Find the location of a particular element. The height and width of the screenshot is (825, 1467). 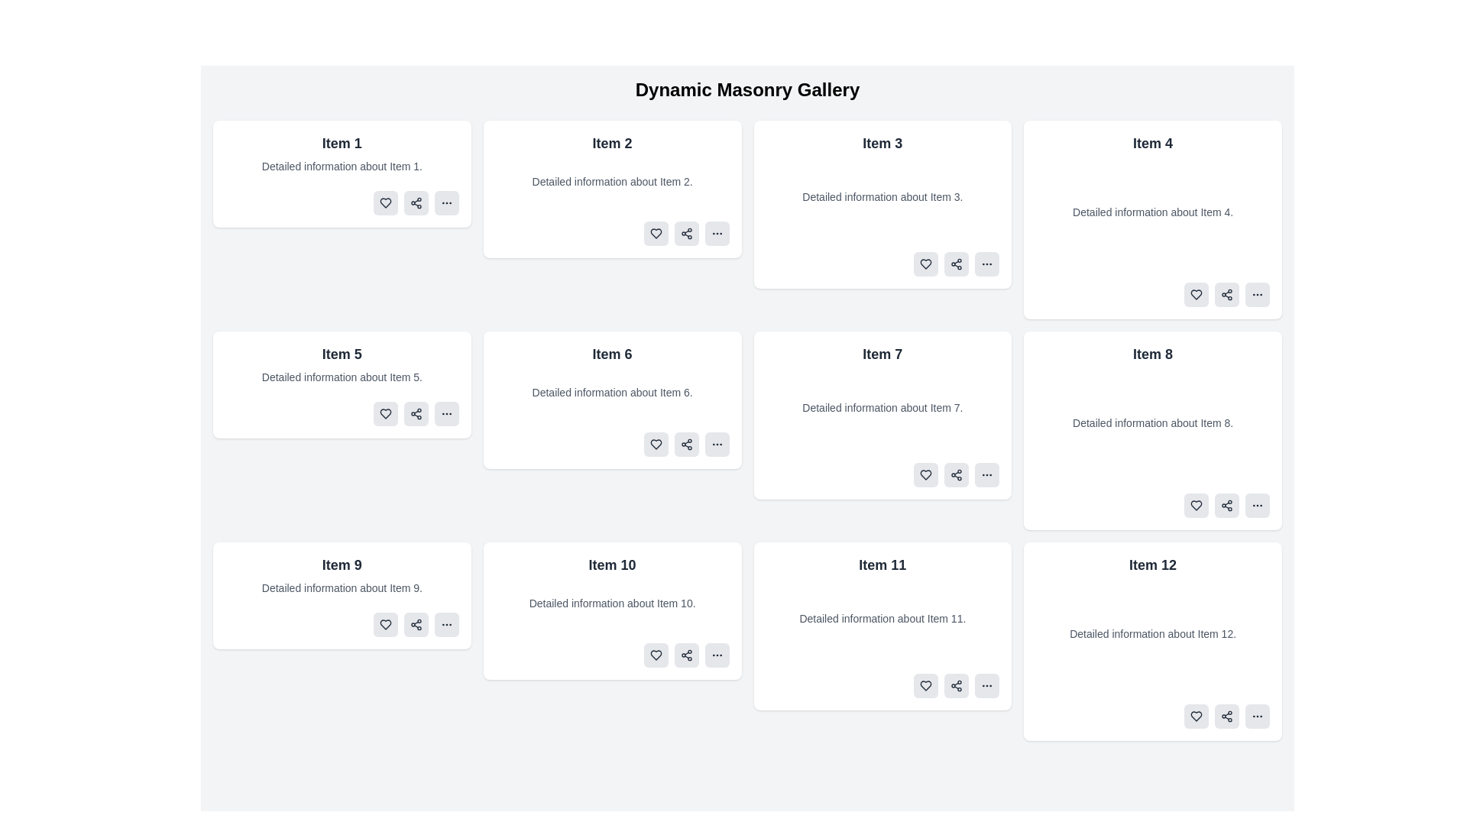

the card located in the top-right position of the masonry grid layout is located at coordinates (1153, 220).